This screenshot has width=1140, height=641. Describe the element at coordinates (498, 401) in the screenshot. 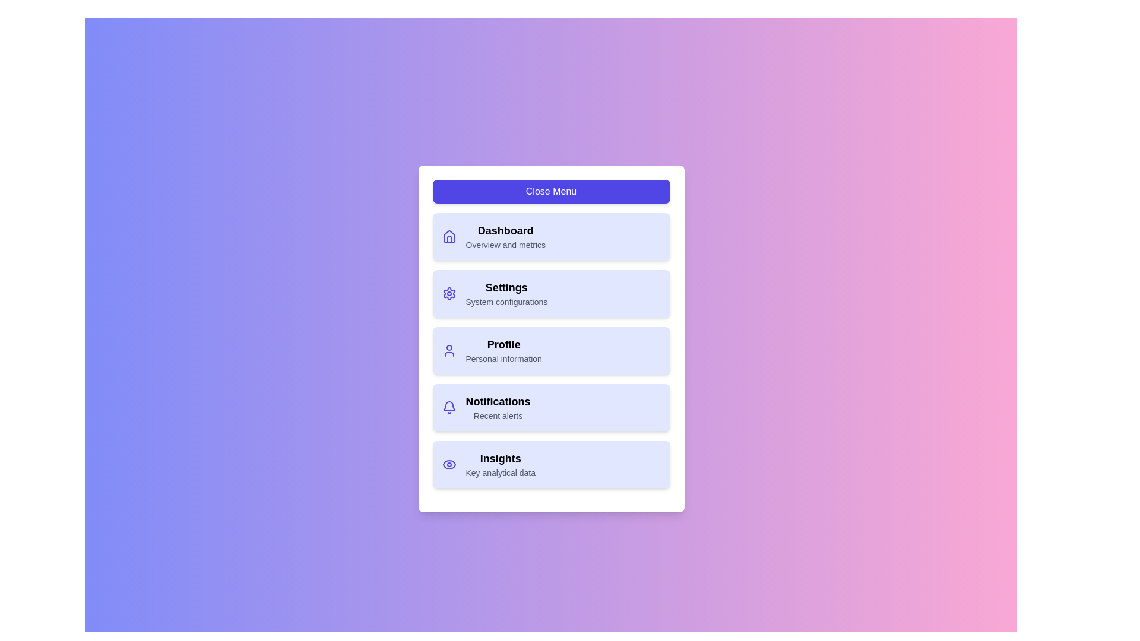

I see `the text of the menu item labeled Notifications` at that location.